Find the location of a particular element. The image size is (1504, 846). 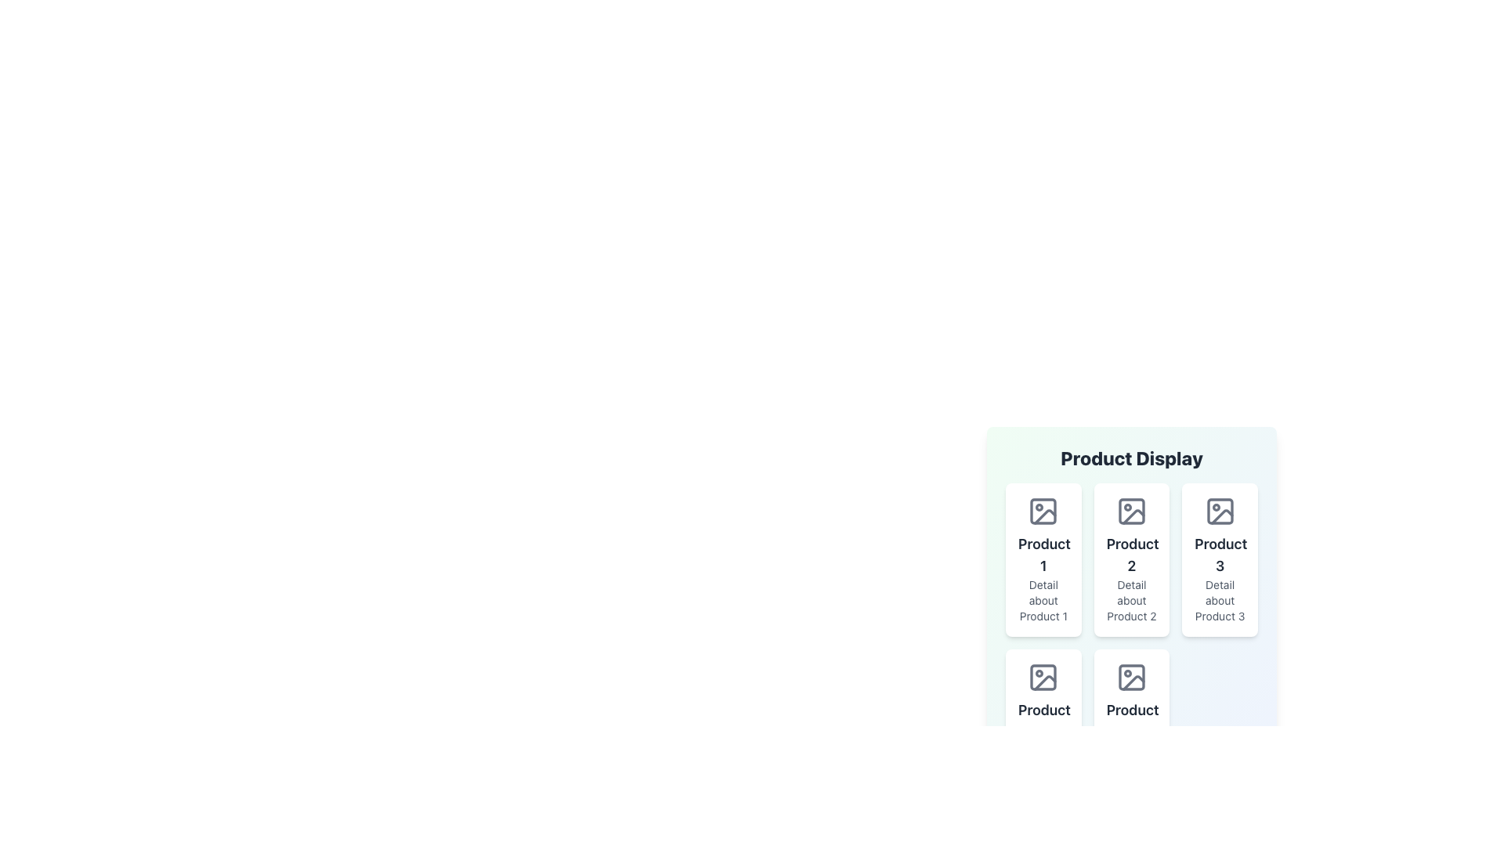

text label serving as the title for 'Product 1' details, which is the second item in the upper left card of a grid display is located at coordinates (1043, 555).